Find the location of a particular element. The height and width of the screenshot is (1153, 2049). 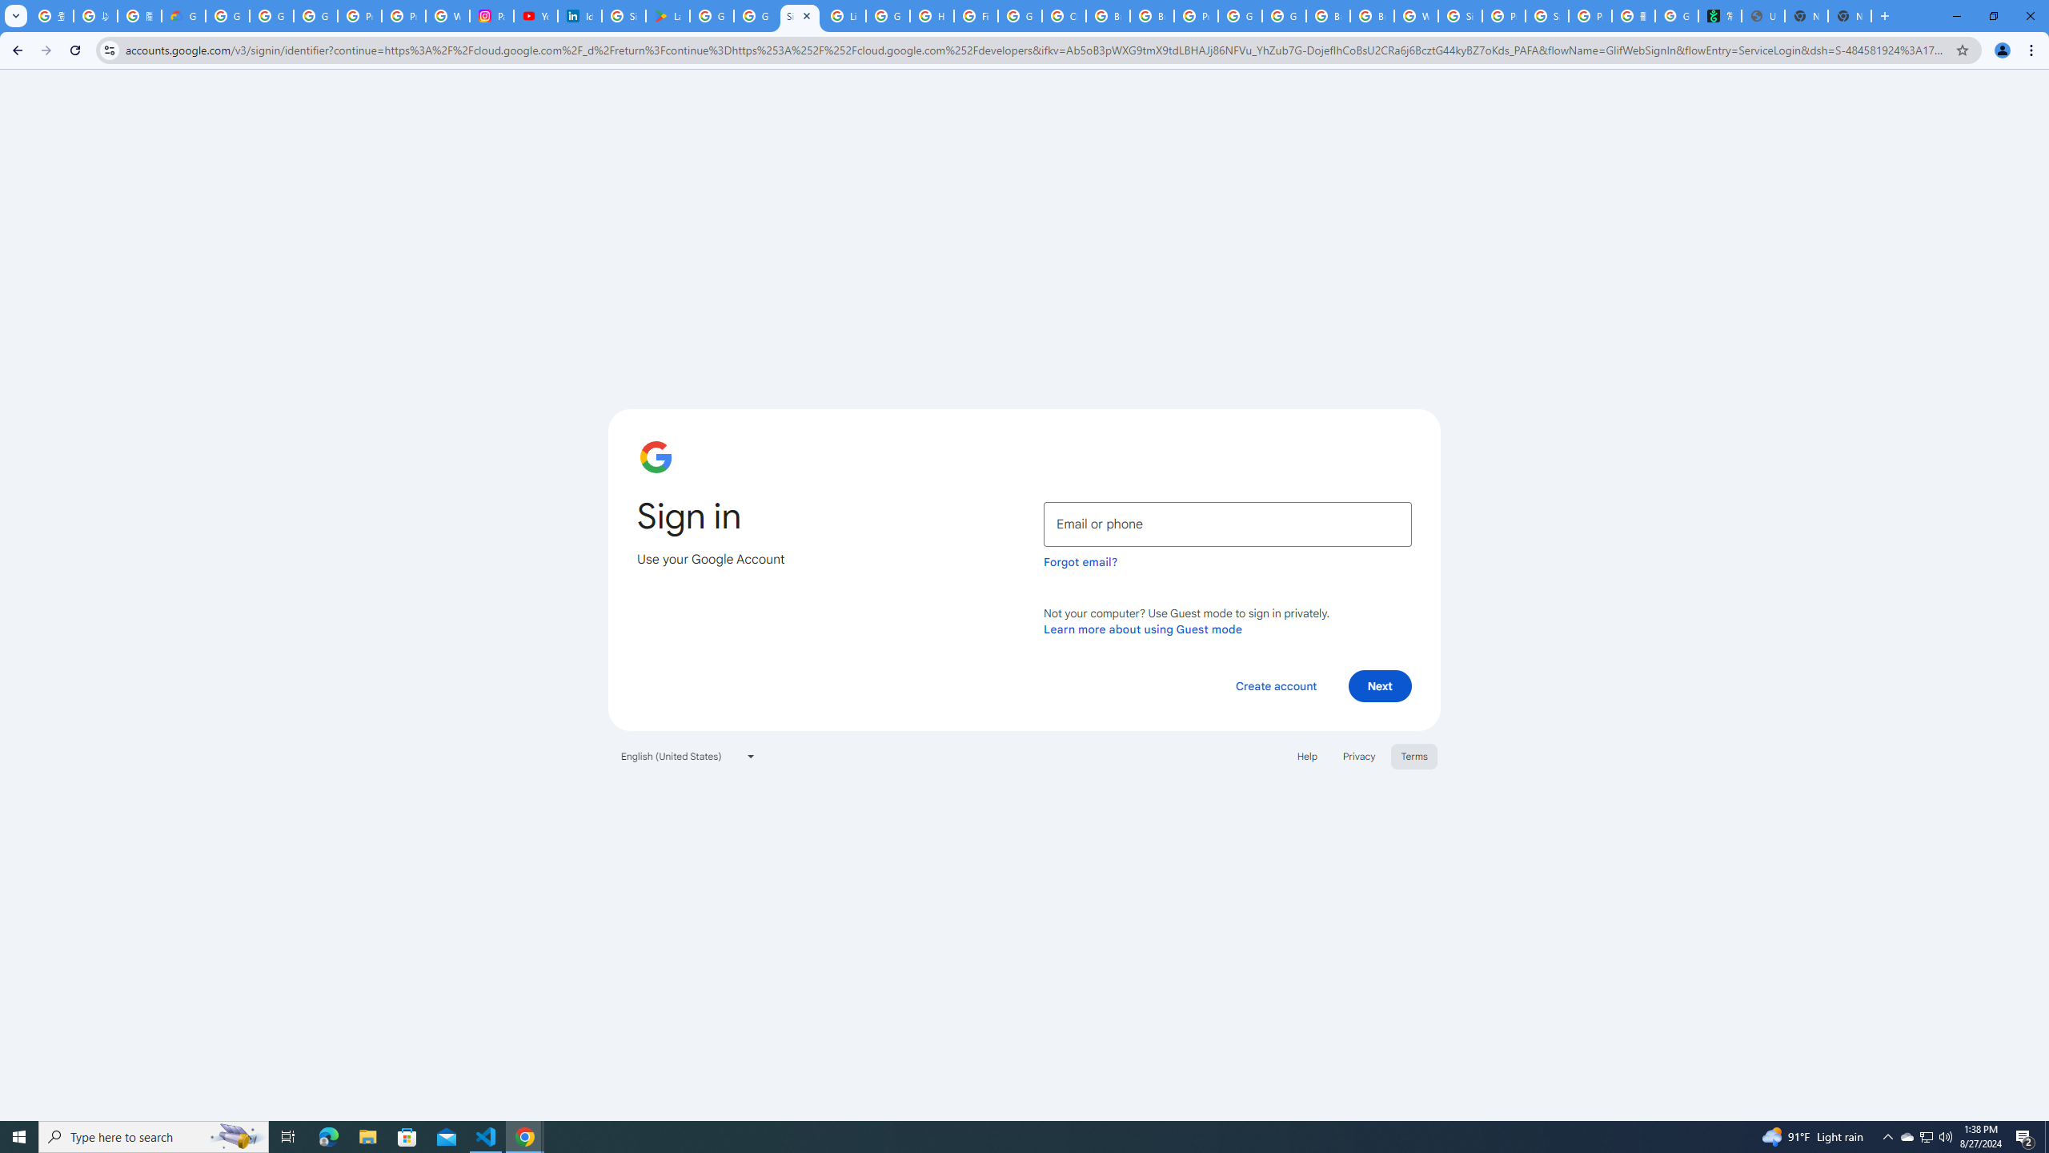

'Help' is located at coordinates (1306, 754).